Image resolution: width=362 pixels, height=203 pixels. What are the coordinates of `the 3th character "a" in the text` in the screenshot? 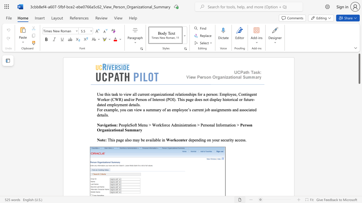 It's located at (144, 110).